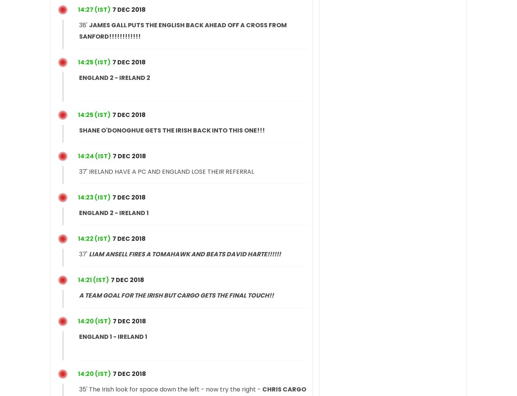  I want to click on '14:21 (IST)', so click(77, 279).